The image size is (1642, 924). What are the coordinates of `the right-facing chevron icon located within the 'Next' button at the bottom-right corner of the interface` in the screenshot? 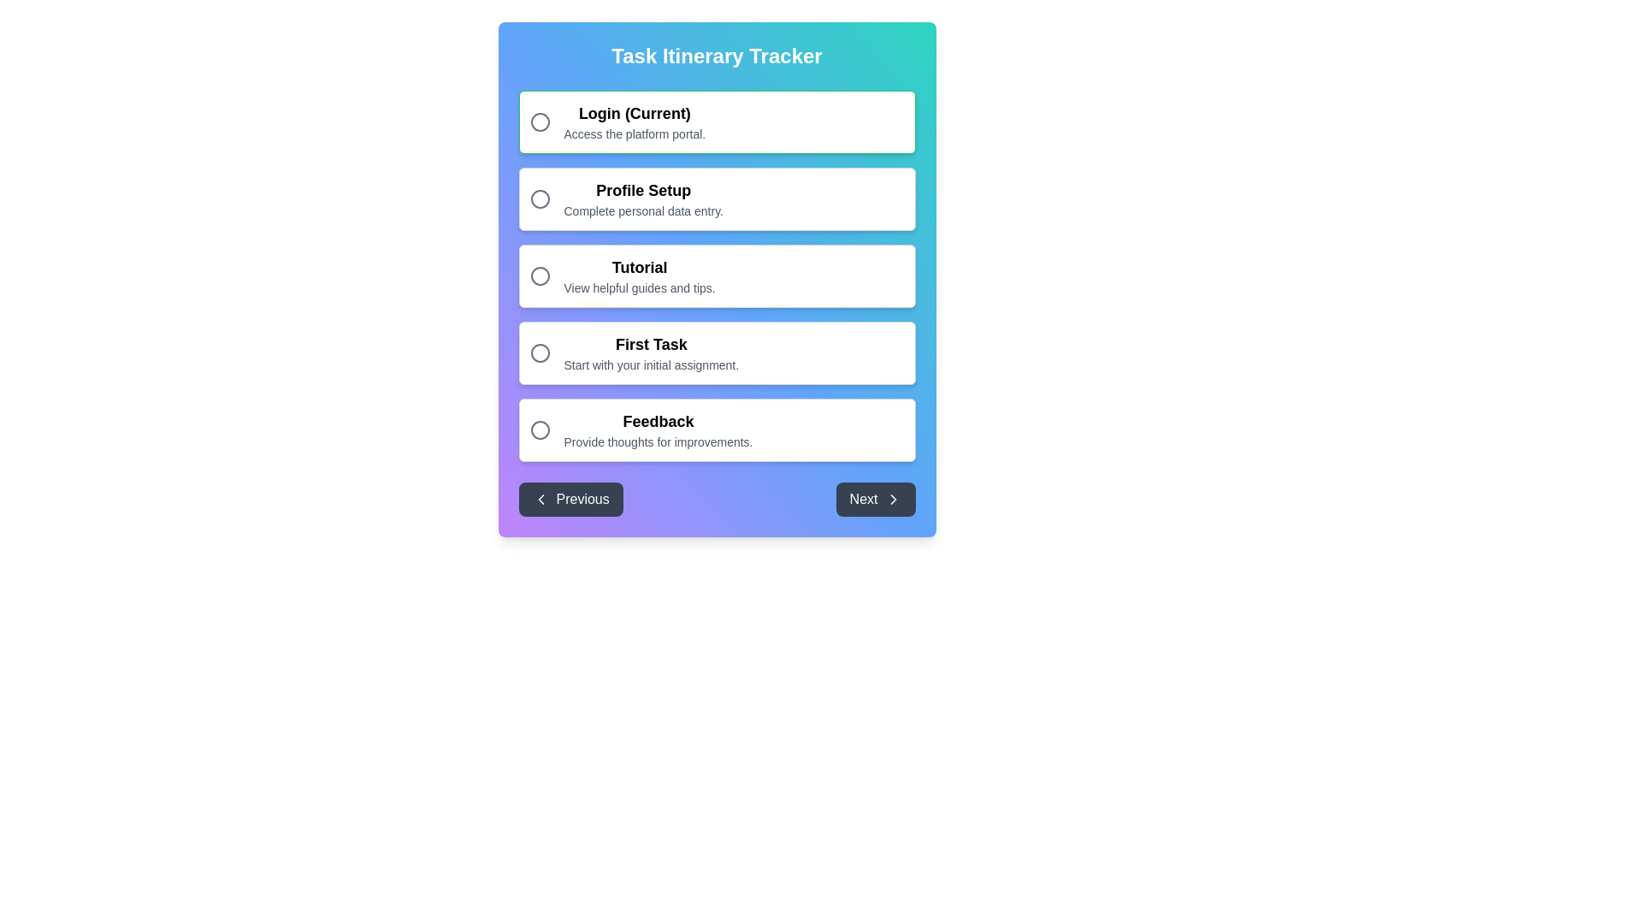 It's located at (892, 499).